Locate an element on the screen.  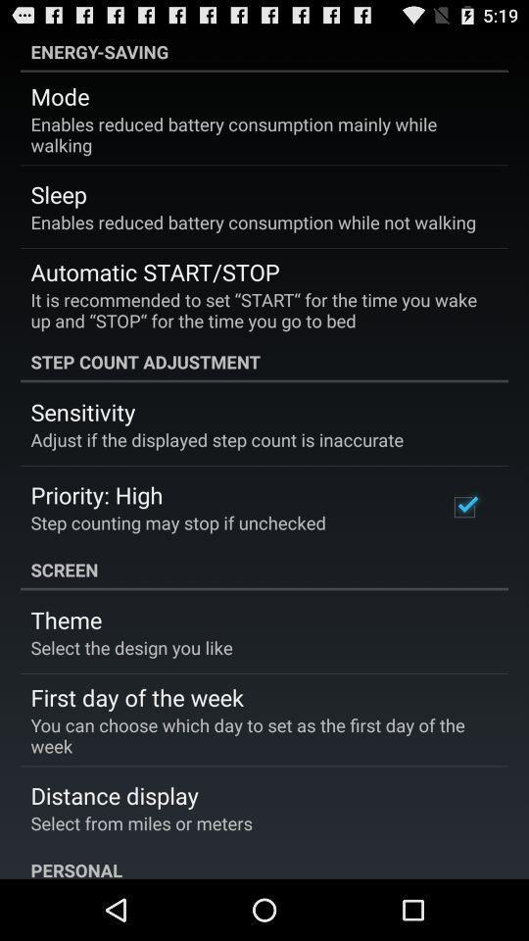
icon above select the design is located at coordinates (66, 619).